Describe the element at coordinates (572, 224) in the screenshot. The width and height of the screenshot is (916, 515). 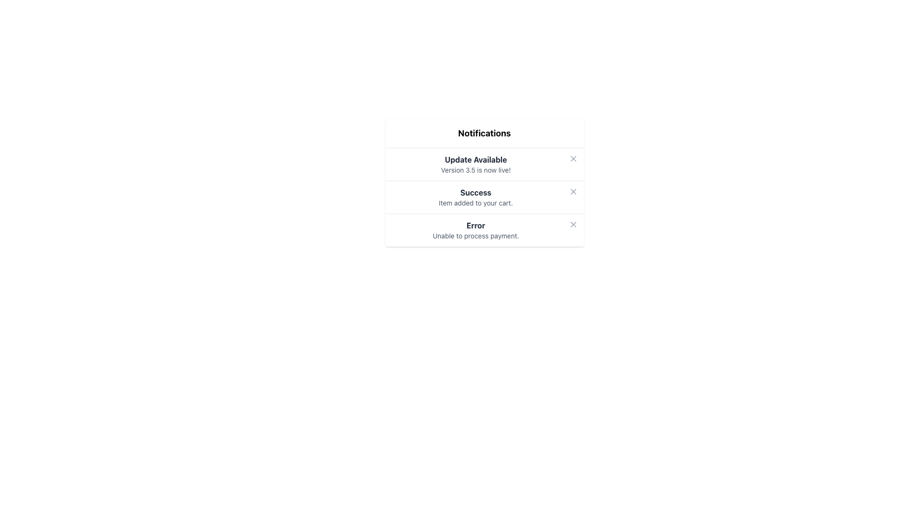
I see `the close button located at the far right of the 'Unable to process payment.' notification` at that location.